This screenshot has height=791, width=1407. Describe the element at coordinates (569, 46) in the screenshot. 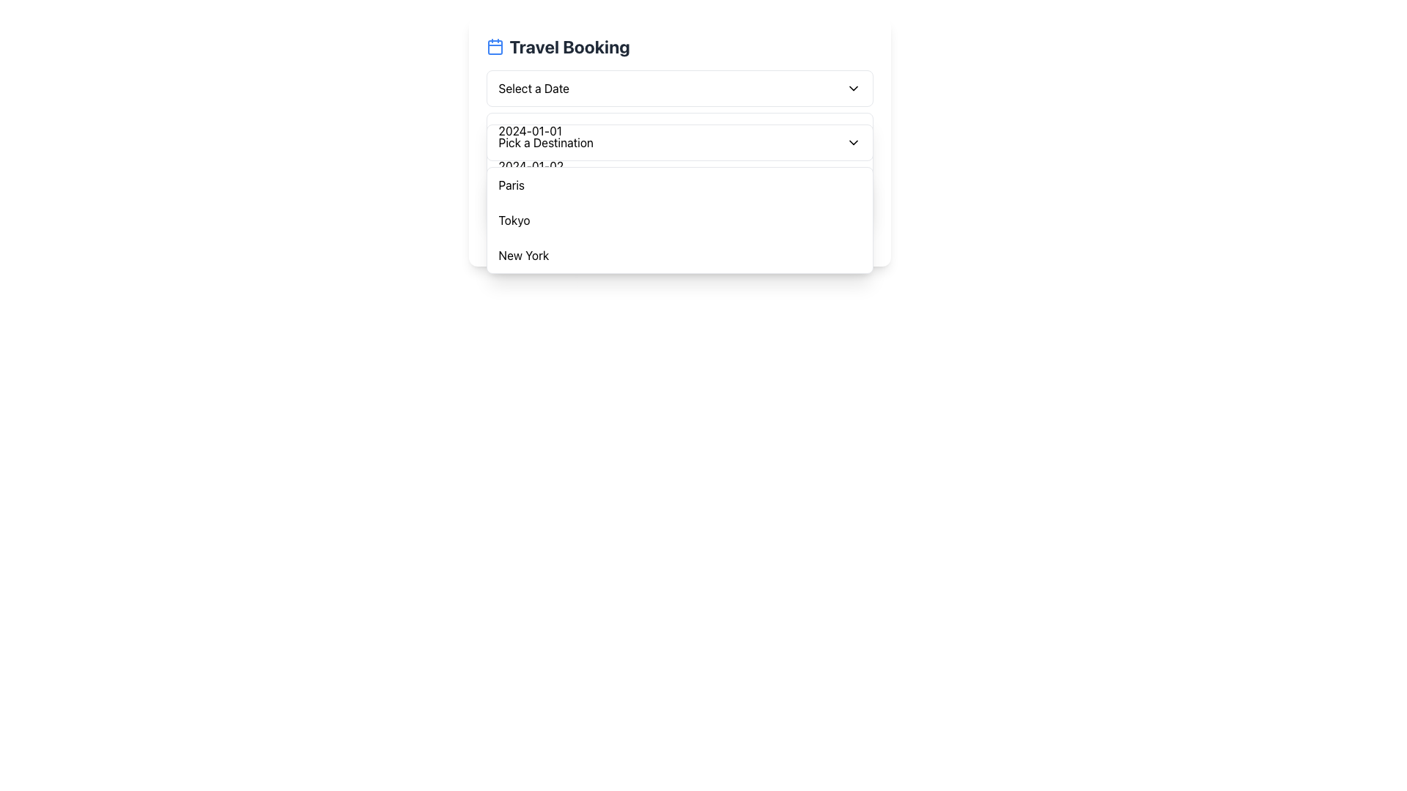

I see `the heading element displaying 'Travel Booking' to check its tooltip` at that location.